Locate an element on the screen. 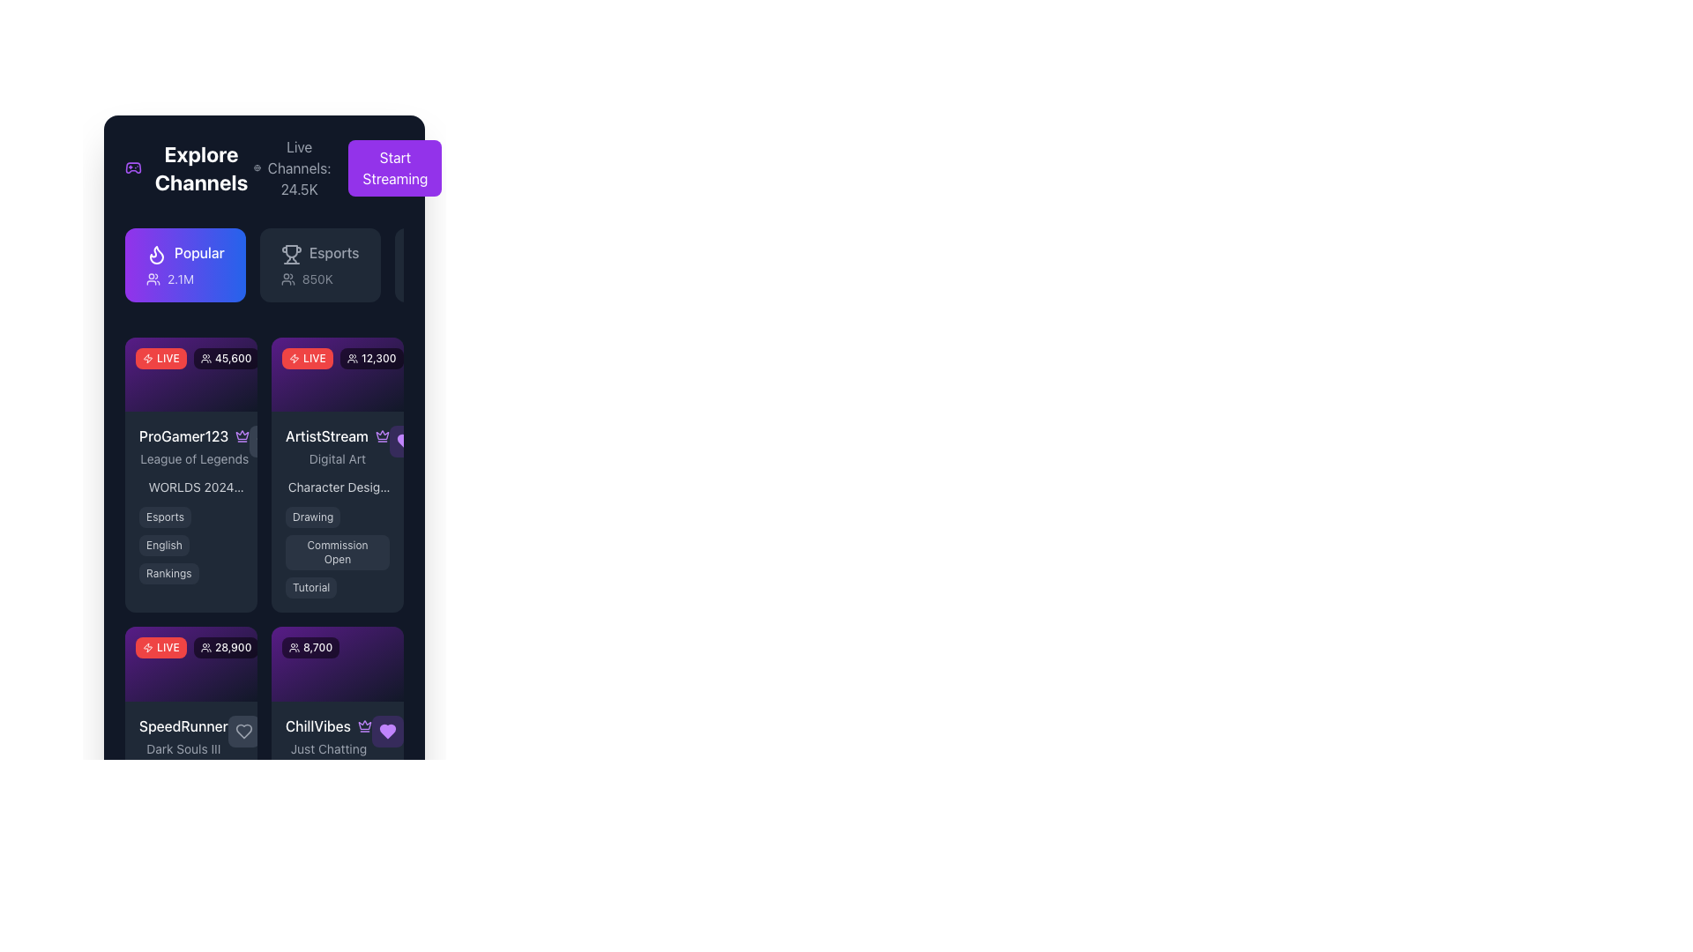 This screenshot has height=952, width=1693. the Live indicator with viewer count in the bottom-left corner of the second row of content cards to potentially reveal additional details is located at coordinates (197, 648).